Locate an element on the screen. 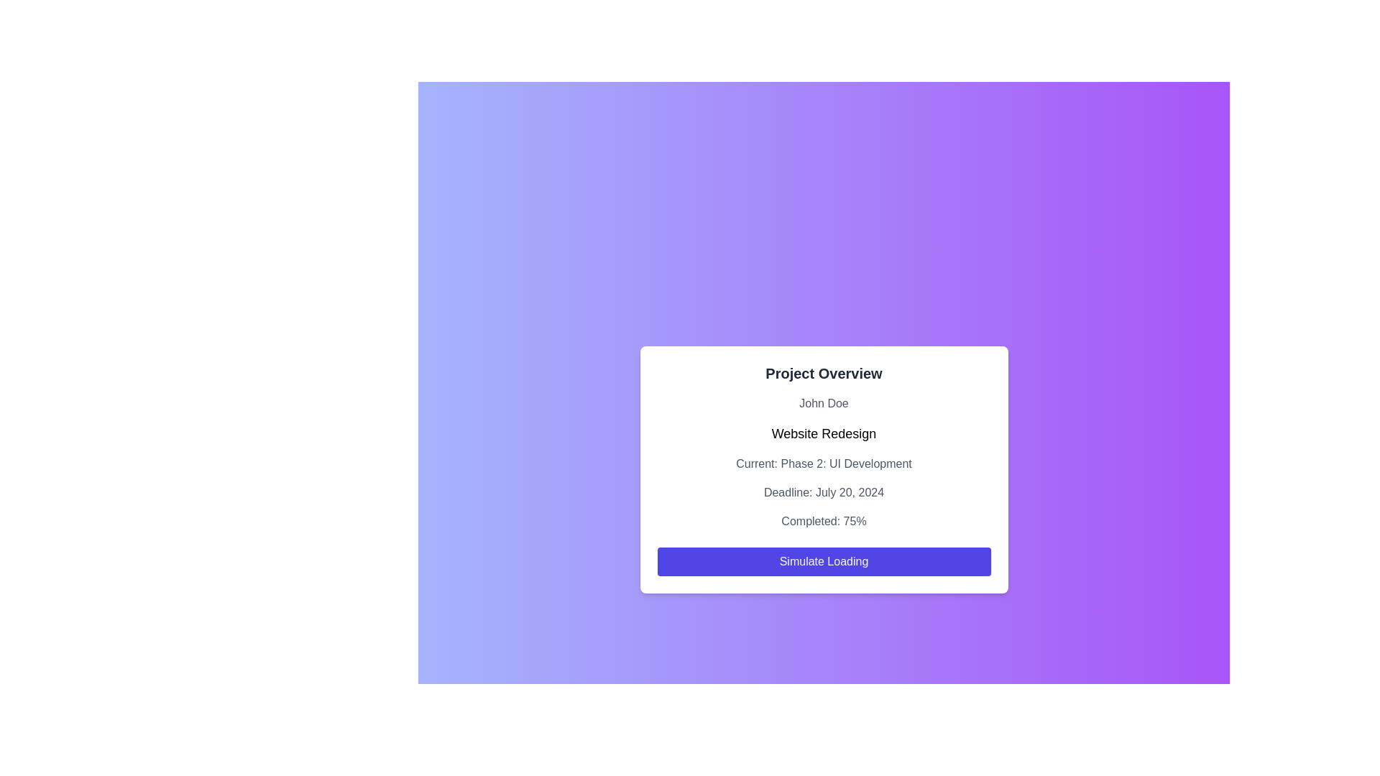 Image resolution: width=1380 pixels, height=776 pixels. the Text Label that serves as a title or header, positioned between 'John Doe' and 'Current: Phase 2: UI Development' is located at coordinates (824, 433).